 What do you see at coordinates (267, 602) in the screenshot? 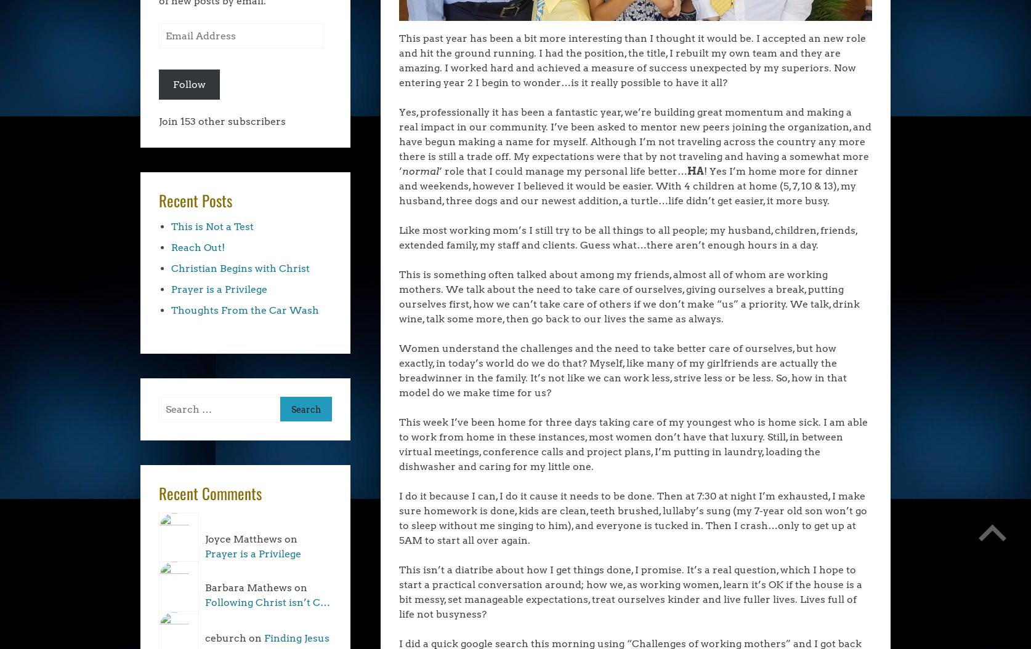
I see `'Following Christ isn’t C…'` at bounding box center [267, 602].